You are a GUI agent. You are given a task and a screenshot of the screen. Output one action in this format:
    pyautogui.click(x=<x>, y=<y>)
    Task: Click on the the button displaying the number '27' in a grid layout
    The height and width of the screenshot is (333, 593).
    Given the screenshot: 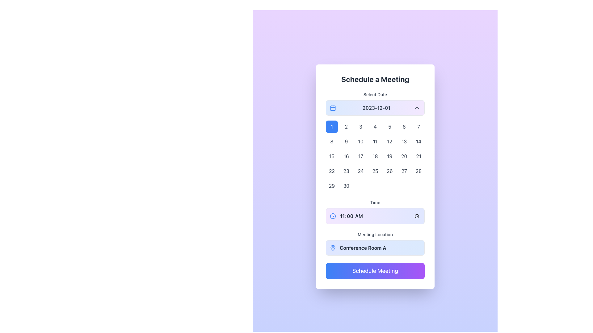 What is the action you would take?
    pyautogui.click(x=404, y=171)
    